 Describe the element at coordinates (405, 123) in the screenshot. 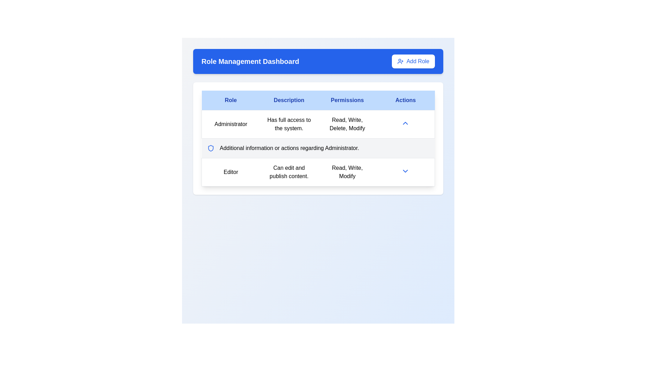

I see `the toggle button in the 'Actions' column for the 'Administrator' role` at that location.